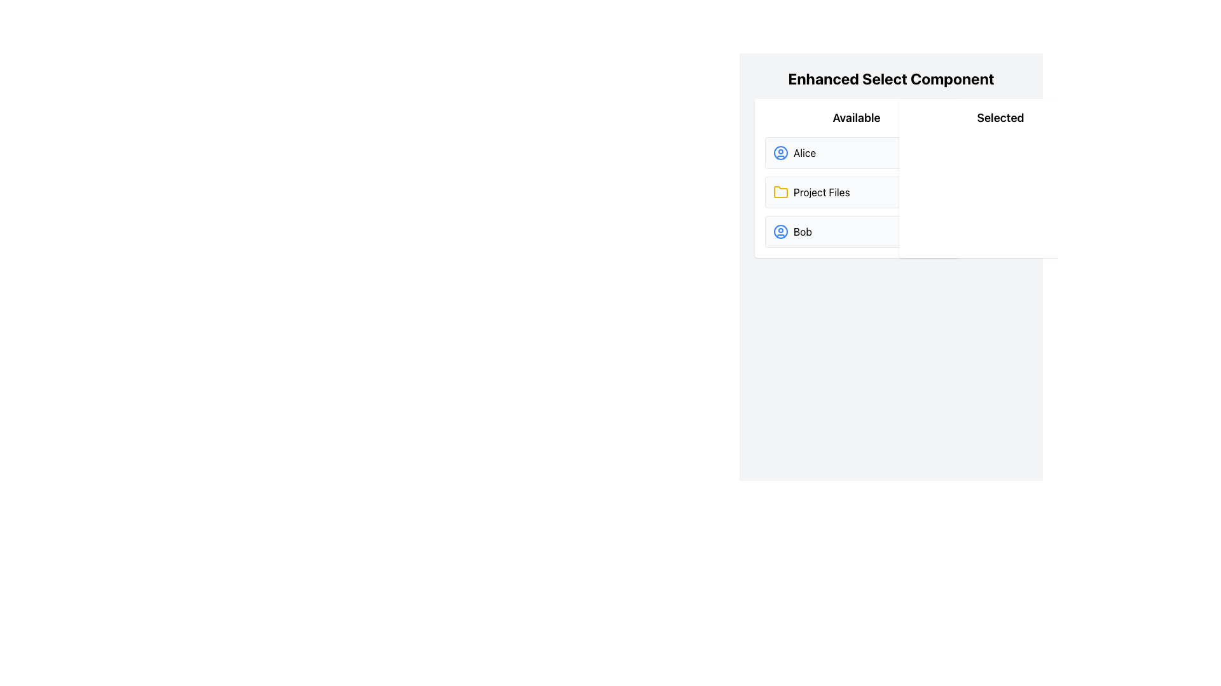 The width and height of the screenshot is (1221, 686). Describe the element at coordinates (857, 178) in the screenshot. I see `and drop the 'Project Files' list item, which has a yellow folder icon and a green 'Add' button, from its position in the left panel under 'Available'` at that location.